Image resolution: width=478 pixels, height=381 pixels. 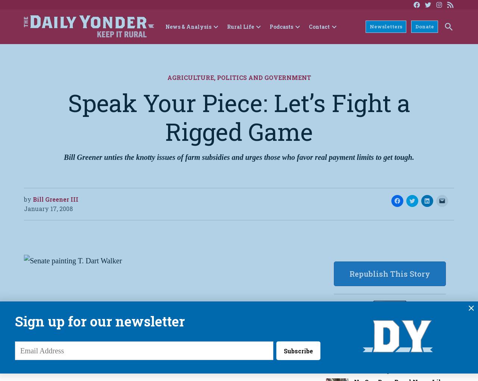 What do you see at coordinates (32, 198) in the screenshot?
I see `'Bill Greener III'` at bounding box center [32, 198].